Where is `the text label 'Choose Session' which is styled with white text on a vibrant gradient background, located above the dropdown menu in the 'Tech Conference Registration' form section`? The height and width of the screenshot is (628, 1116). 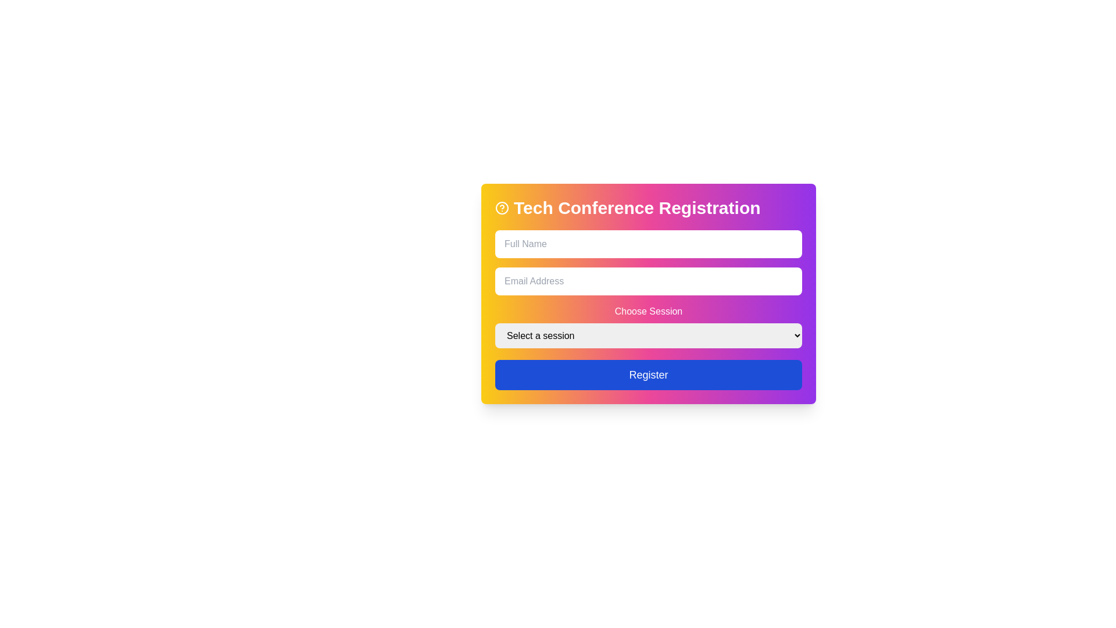 the text label 'Choose Session' which is styled with white text on a vibrant gradient background, located above the dropdown menu in the 'Tech Conference Registration' form section is located at coordinates (648, 311).